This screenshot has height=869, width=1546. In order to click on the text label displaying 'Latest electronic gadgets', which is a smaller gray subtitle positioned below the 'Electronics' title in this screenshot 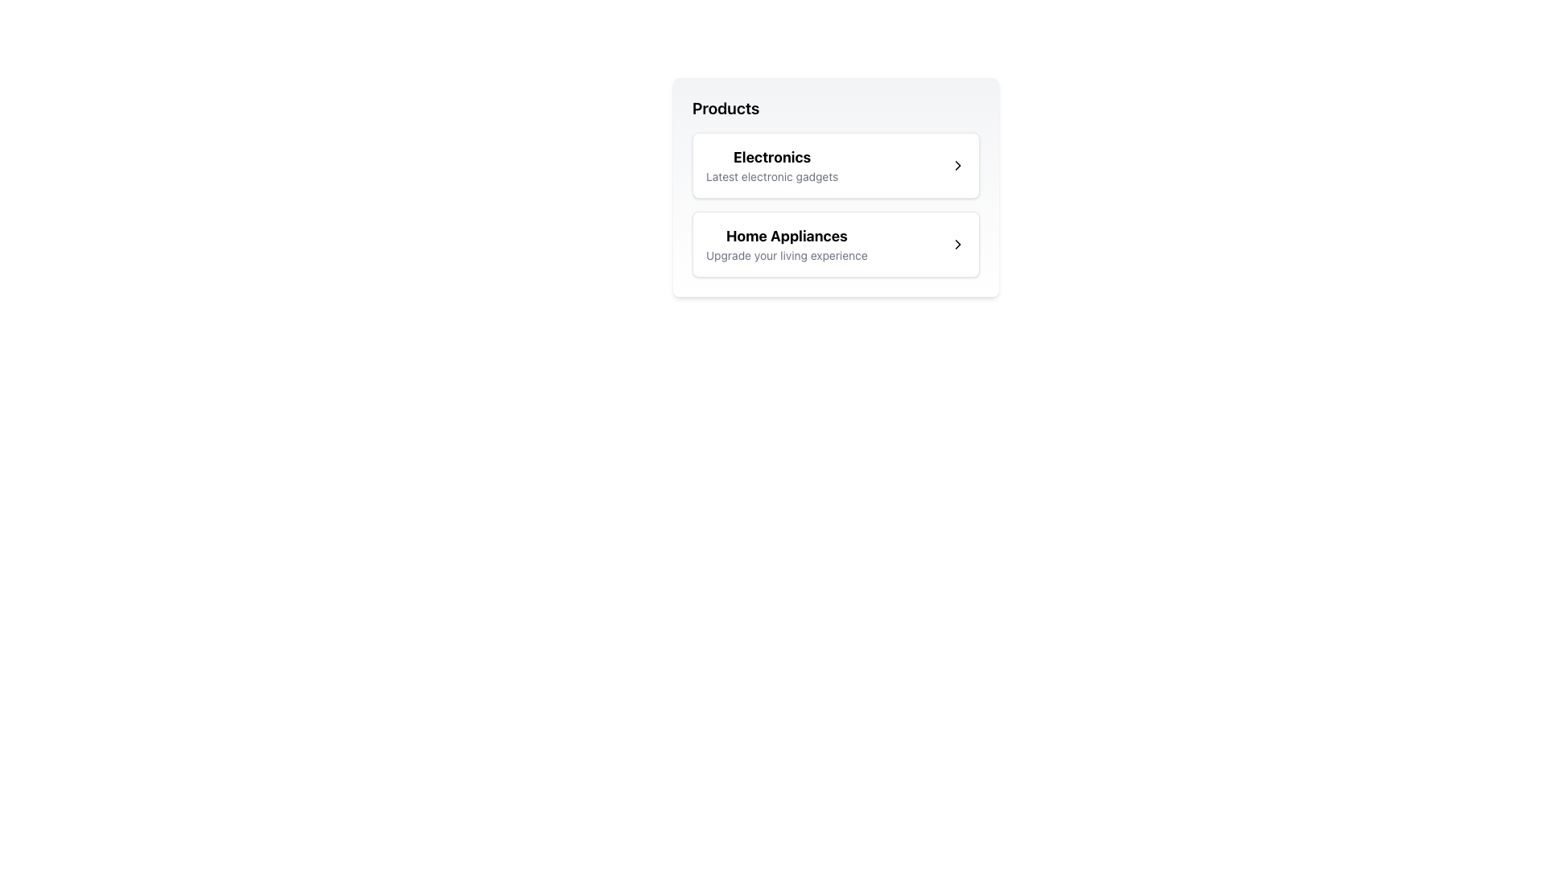, I will do `click(771, 176)`.